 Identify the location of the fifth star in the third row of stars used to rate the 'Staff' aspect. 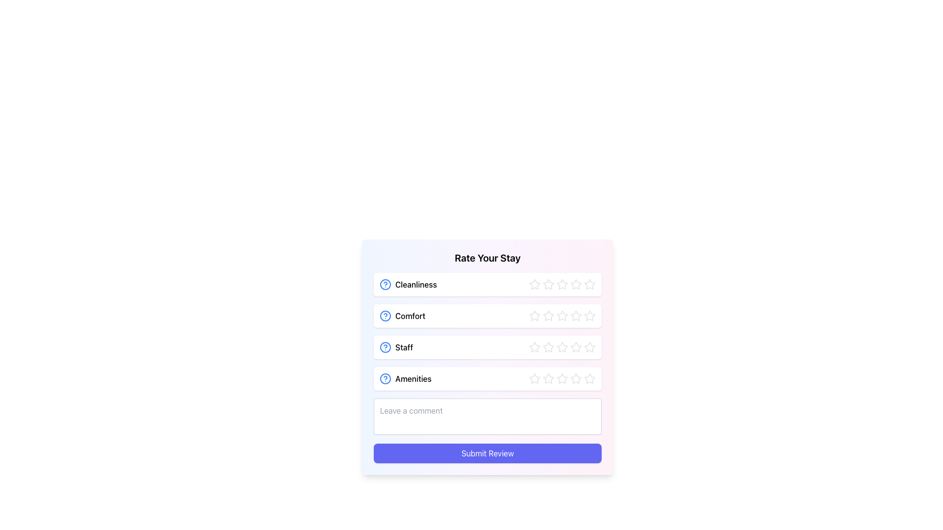
(589, 347).